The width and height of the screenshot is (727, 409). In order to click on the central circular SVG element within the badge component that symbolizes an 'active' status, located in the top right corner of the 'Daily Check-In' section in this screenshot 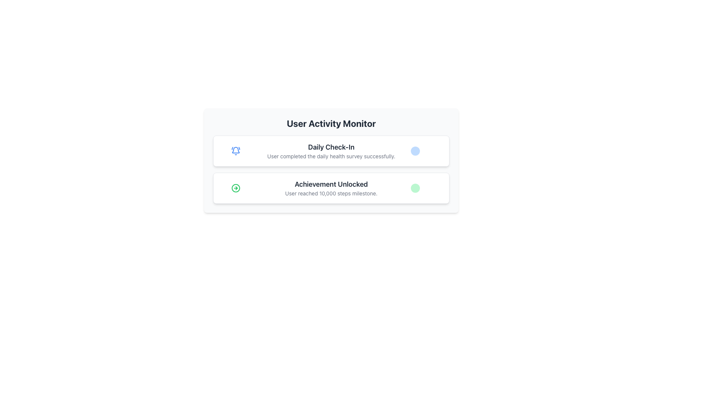, I will do `click(419, 152)`.